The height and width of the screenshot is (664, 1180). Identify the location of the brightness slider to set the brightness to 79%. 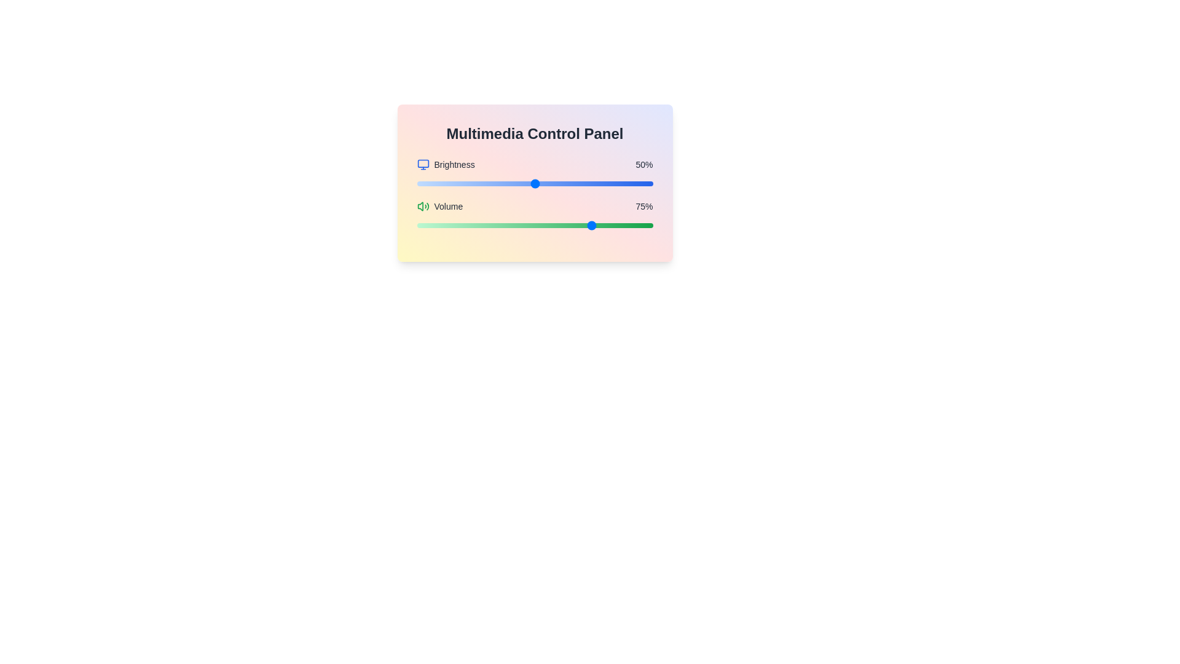
(603, 184).